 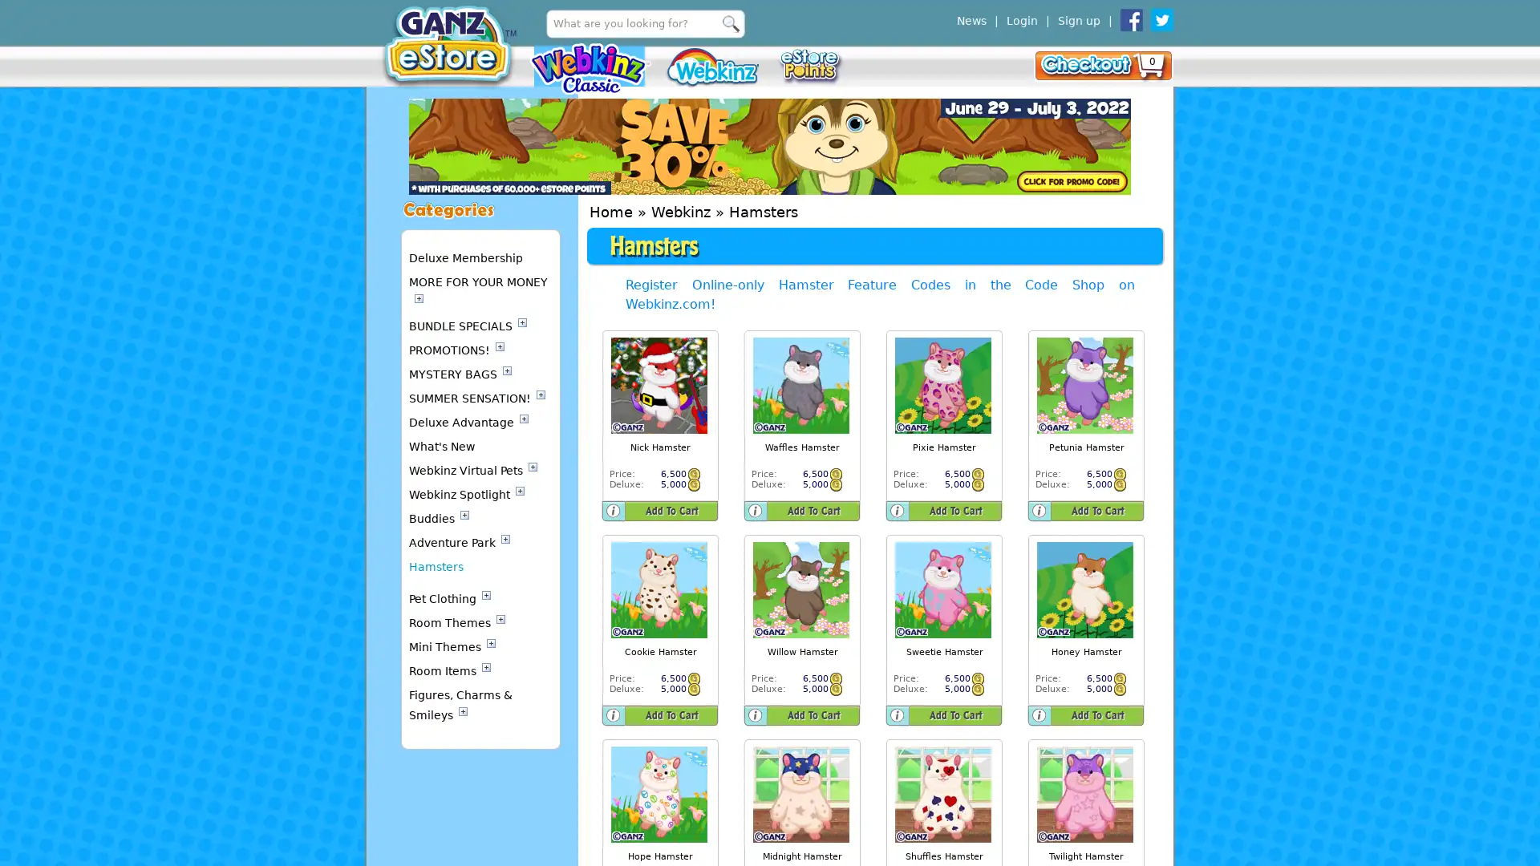 I want to click on Add To Cart, so click(x=671, y=510).